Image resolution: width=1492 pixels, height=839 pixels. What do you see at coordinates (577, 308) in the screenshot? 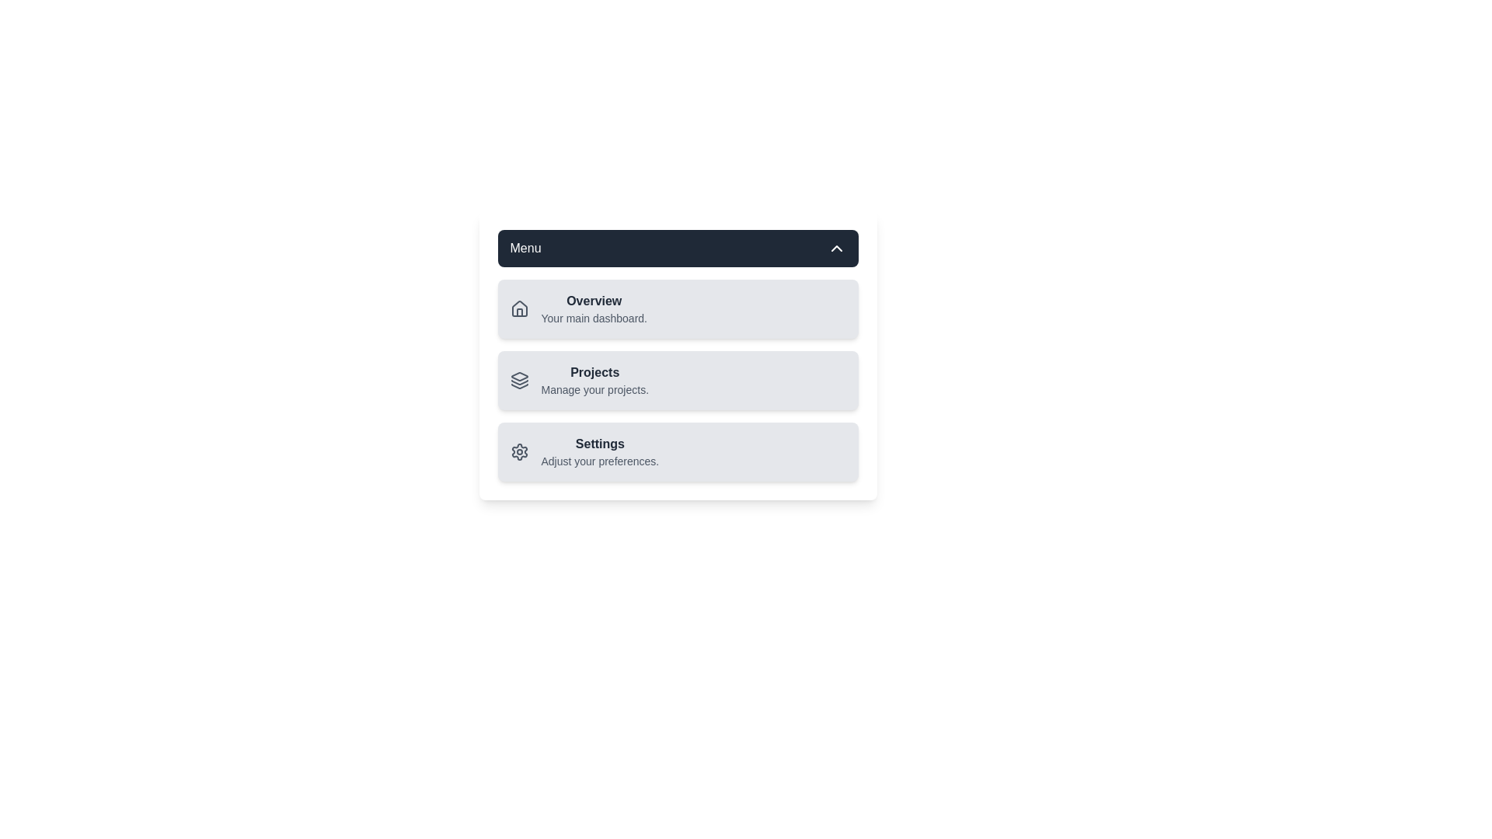
I see `the menu item corresponding to Overview` at bounding box center [577, 308].